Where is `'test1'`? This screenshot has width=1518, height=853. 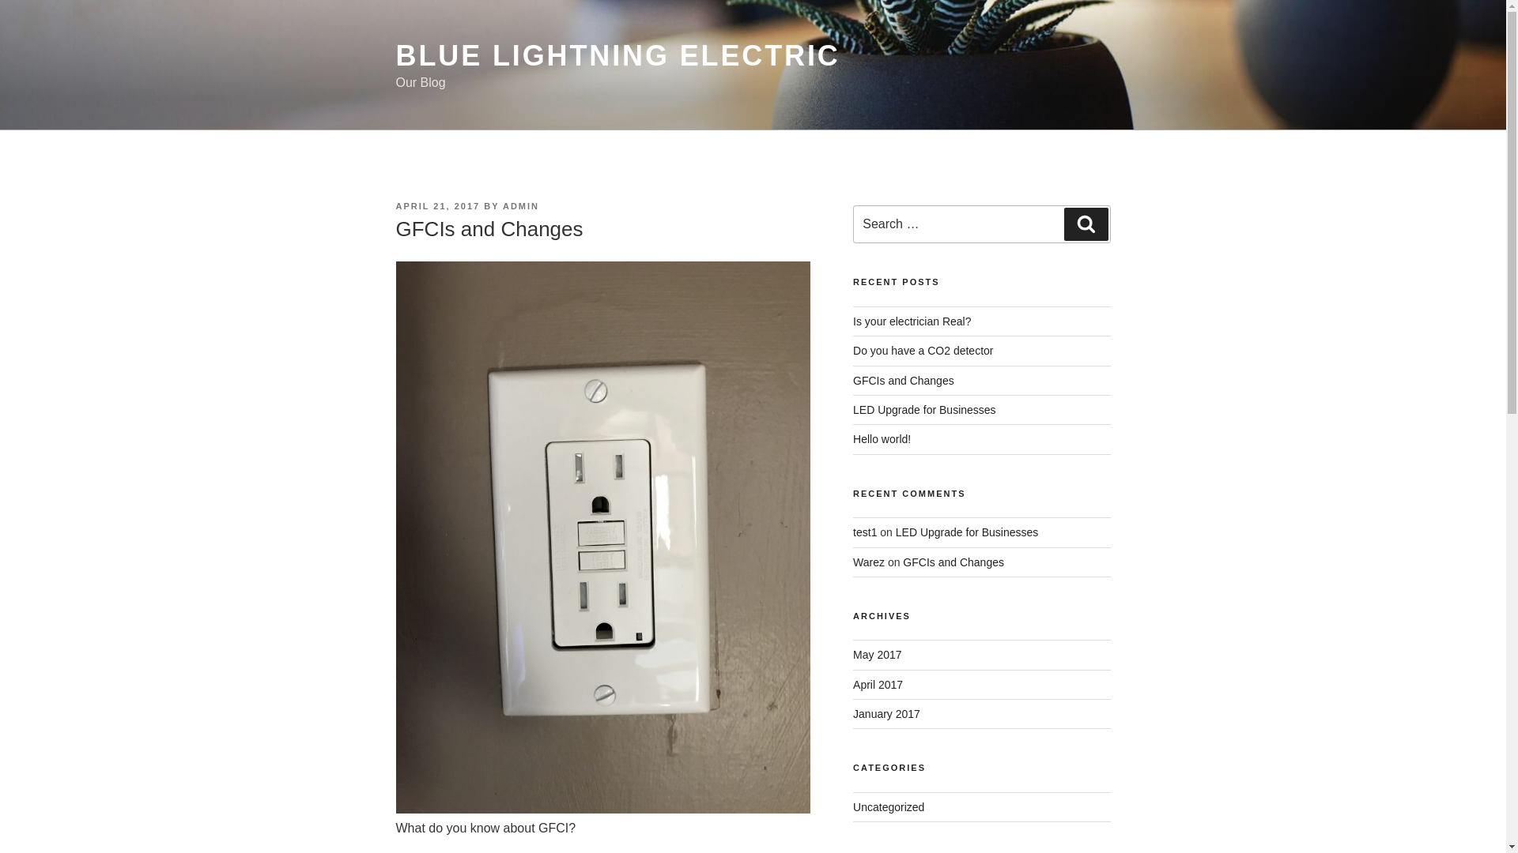
'test1' is located at coordinates (864, 532).